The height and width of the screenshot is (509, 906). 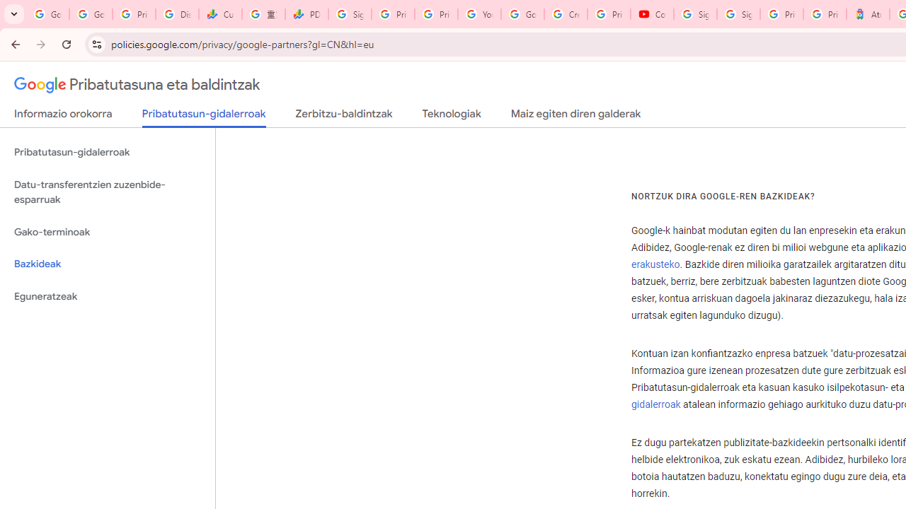 What do you see at coordinates (867, 14) in the screenshot?
I see `'Atour Hotel - Google hotels'` at bounding box center [867, 14].